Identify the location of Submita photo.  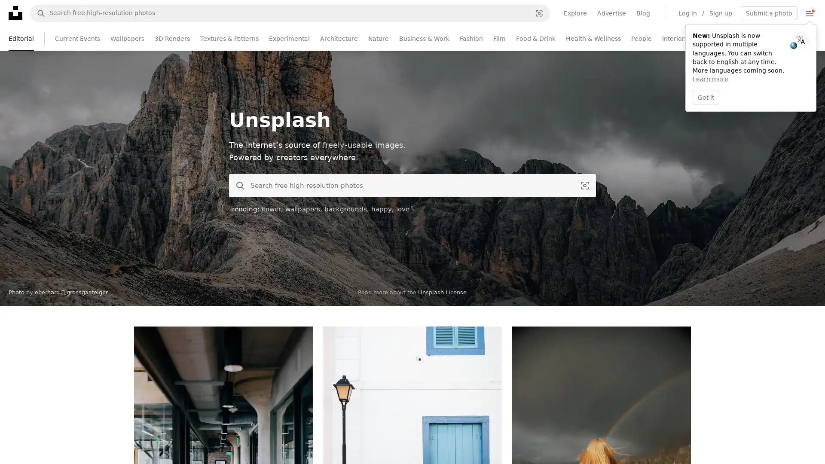
(769, 13).